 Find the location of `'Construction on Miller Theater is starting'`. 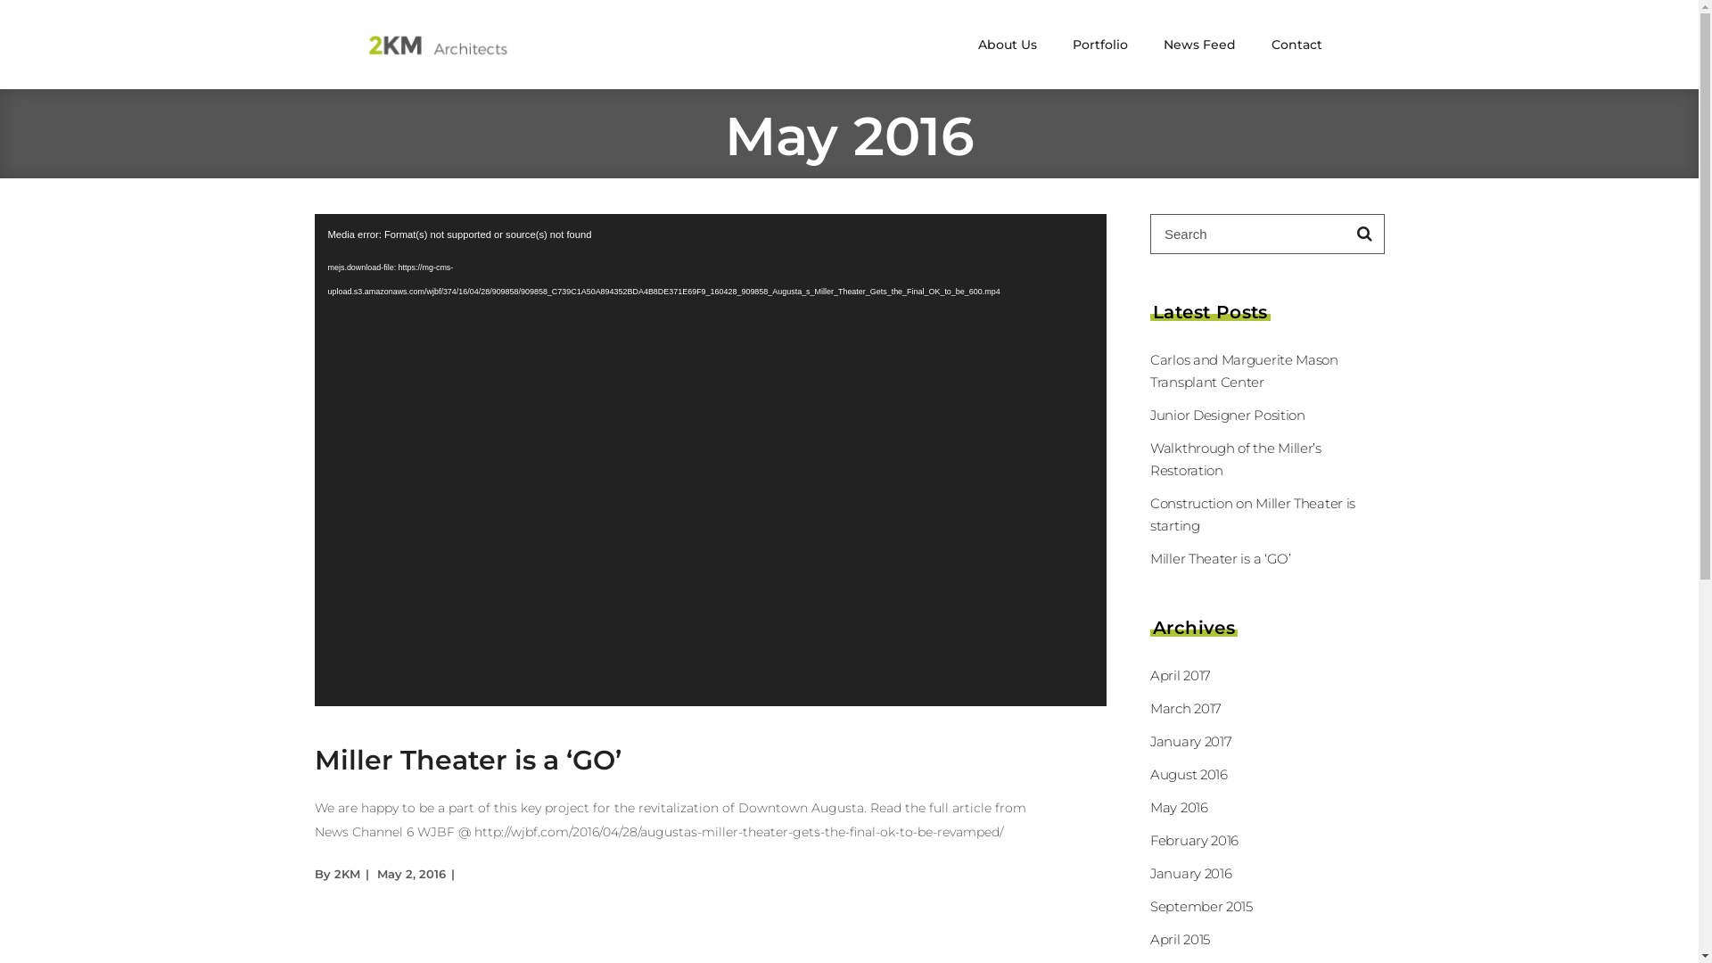

'Construction on Miller Theater is starting' is located at coordinates (1252, 514).